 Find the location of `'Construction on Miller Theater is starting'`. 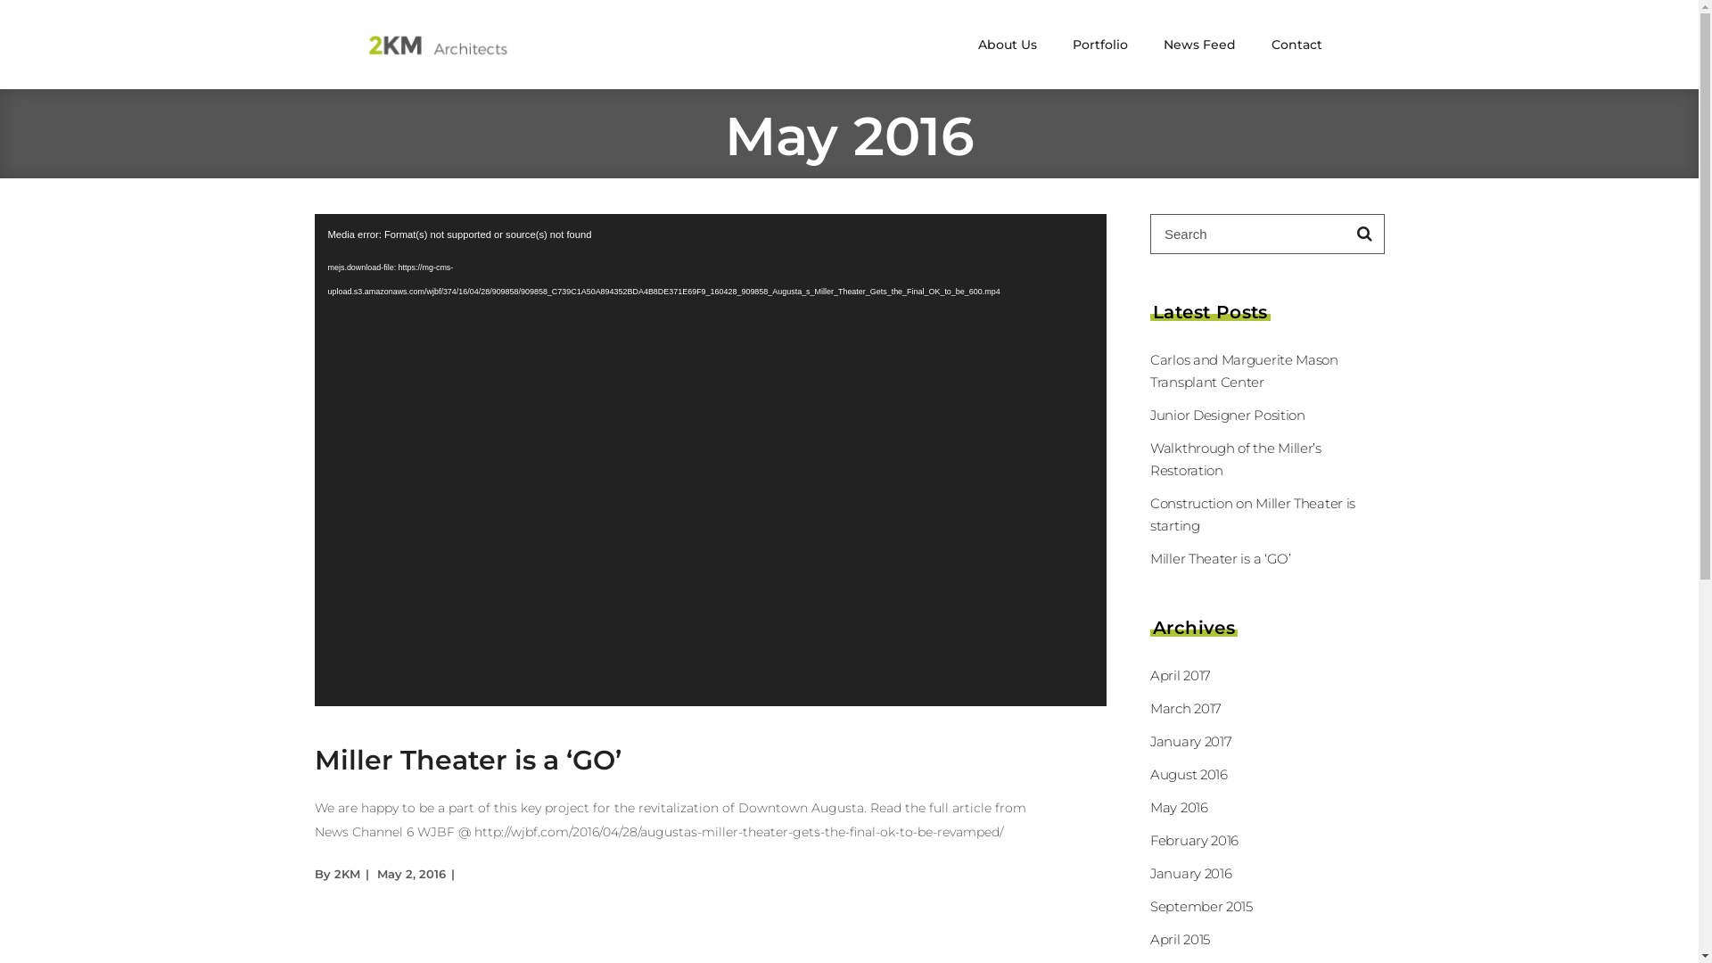

'Construction on Miller Theater is starting' is located at coordinates (1252, 514).